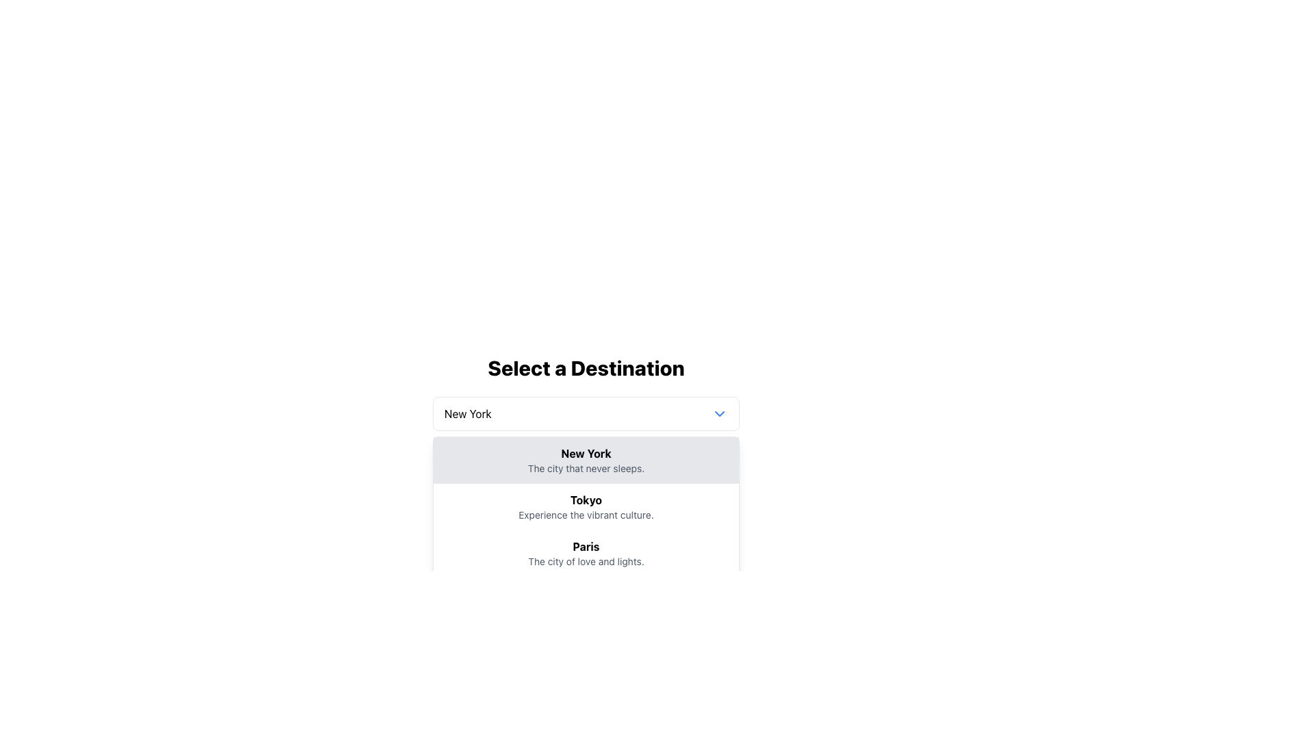 The width and height of the screenshot is (1315, 739). I want to click on the text element that reads 'Experience the vibrant culture.' which is styled in a small, light gray font and positioned directly below the title 'Tokyo', so click(586, 515).